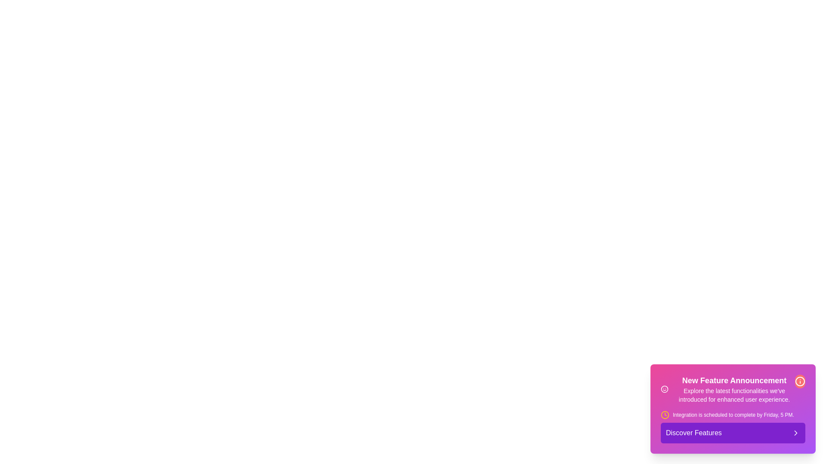  What do you see at coordinates (733, 433) in the screenshot?
I see `the 'Discover Features' button to trigger the action` at bounding box center [733, 433].